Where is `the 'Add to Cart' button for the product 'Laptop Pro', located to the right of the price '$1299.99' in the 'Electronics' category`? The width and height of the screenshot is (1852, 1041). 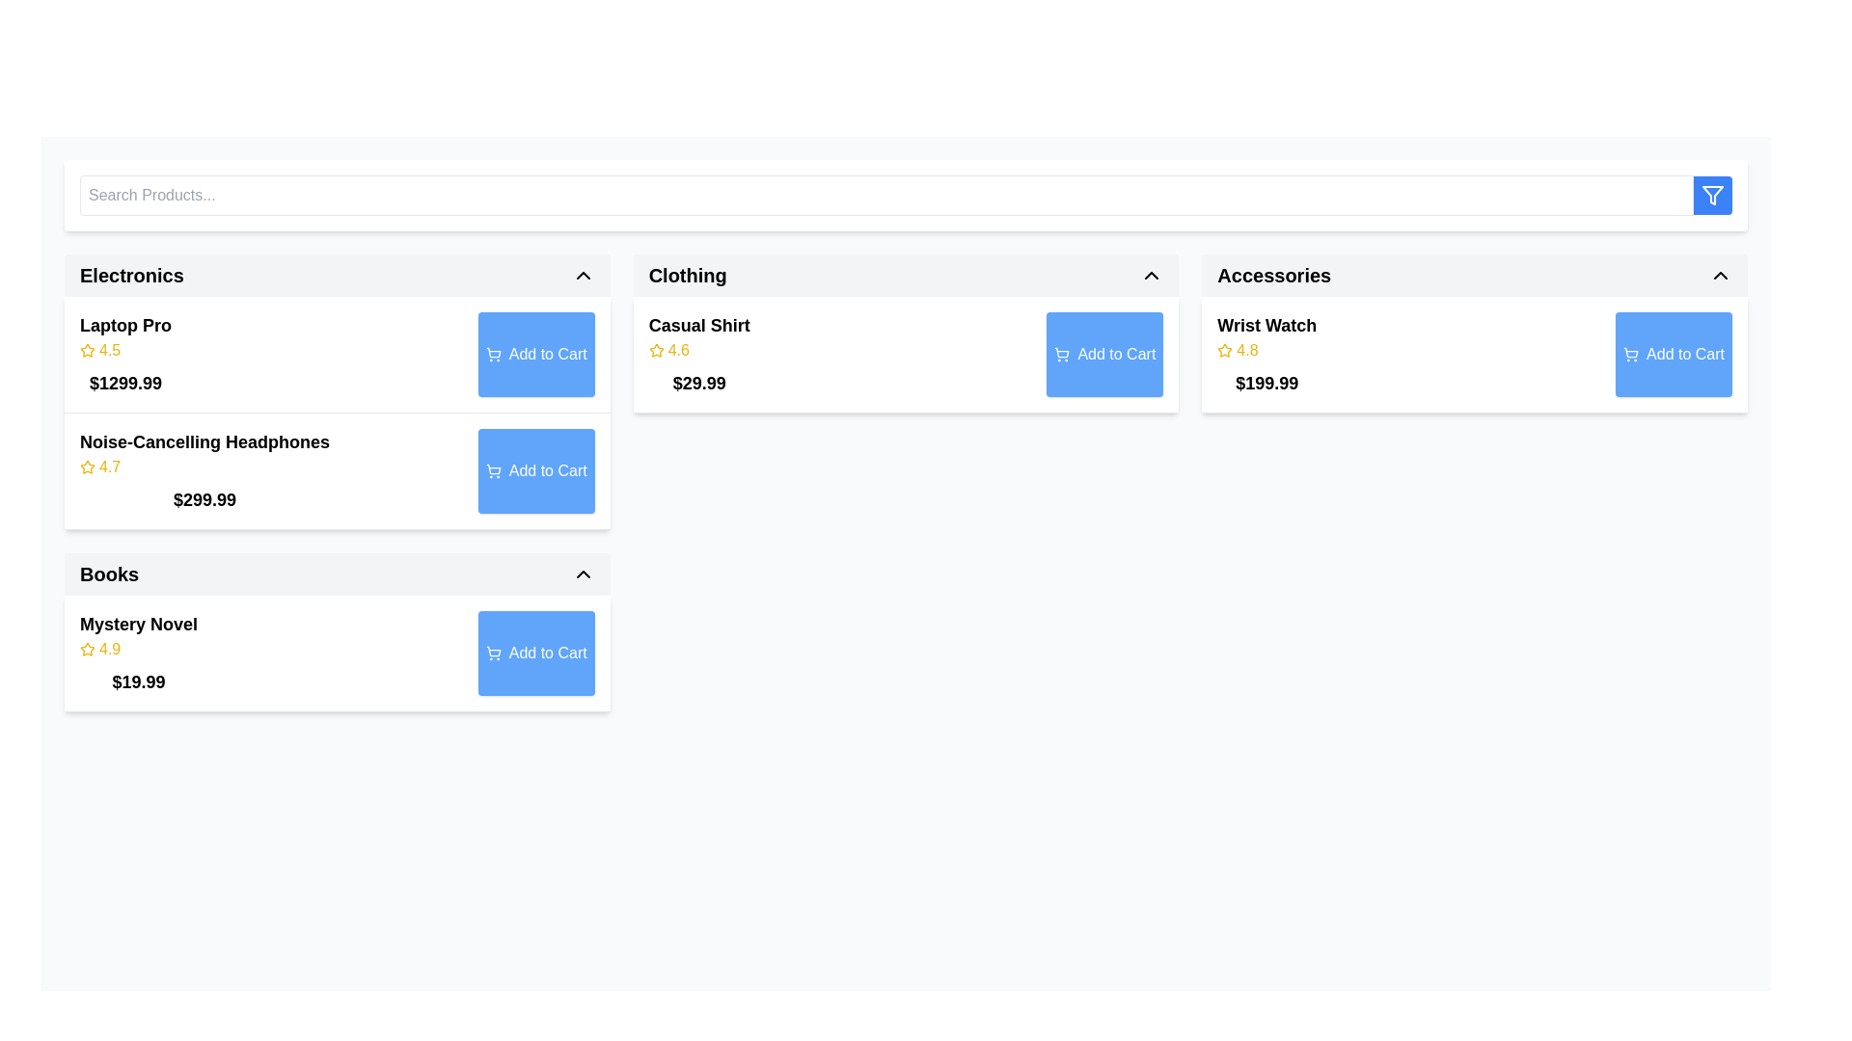 the 'Add to Cart' button for the product 'Laptop Pro', located to the right of the price '$1299.99' in the 'Electronics' category is located at coordinates (536, 354).